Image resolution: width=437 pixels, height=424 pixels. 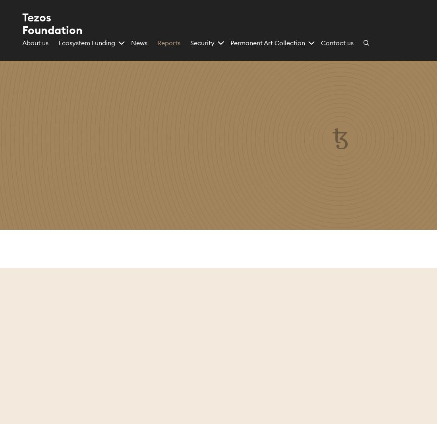 I want to click on 'use of cookies', so click(x=43, y=377).